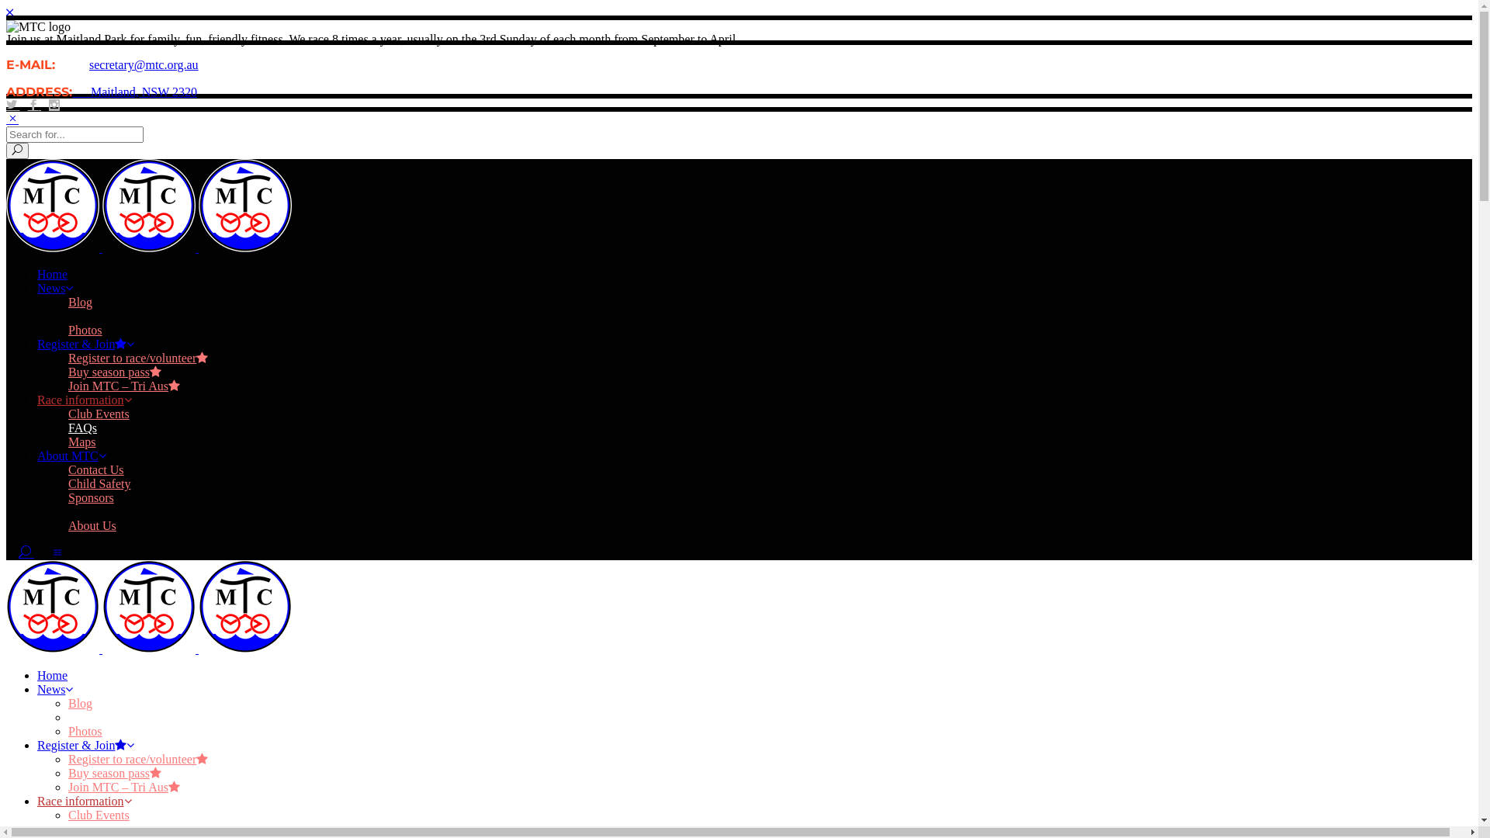  Describe the element at coordinates (84, 801) in the screenshot. I see `'Race information'` at that location.